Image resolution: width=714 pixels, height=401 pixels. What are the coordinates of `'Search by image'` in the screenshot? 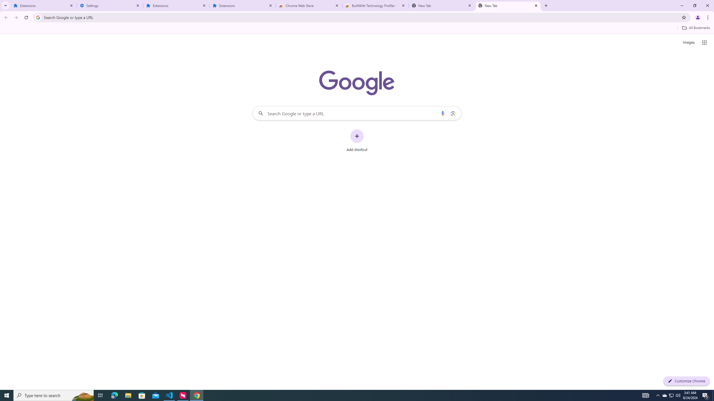 It's located at (452, 113).